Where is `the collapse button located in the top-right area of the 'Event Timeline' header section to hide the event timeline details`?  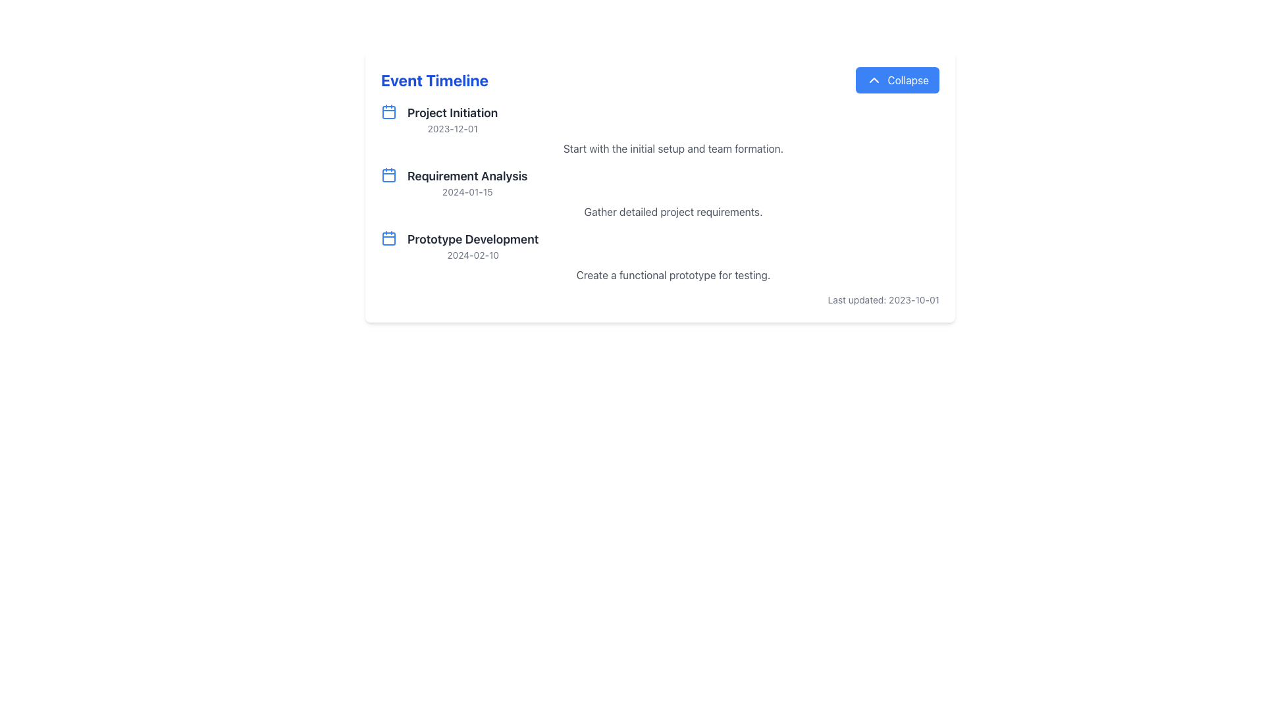 the collapse button located in the top-right area of the 'Event Timeline' header section to hide the event timeline details is located at coordinates (897, 80).